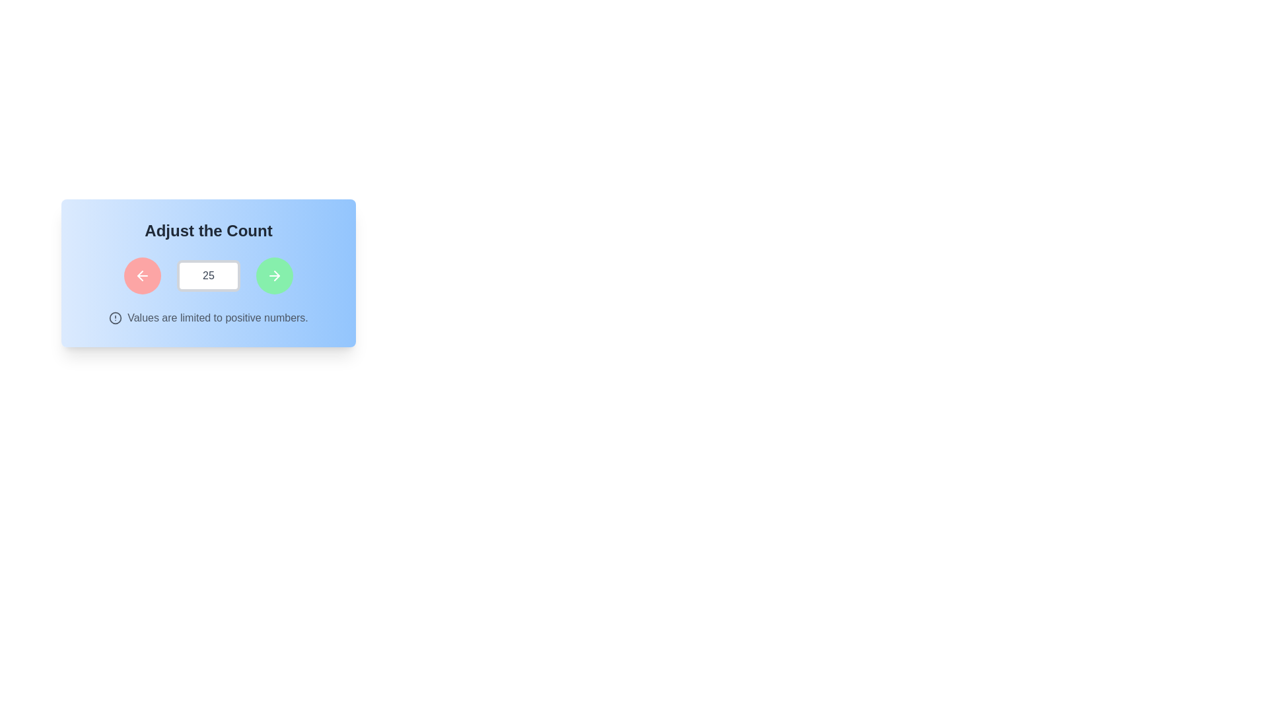 The height and width of the screenshot is (713, 1268). What do you see at coordinates (116, 318) in the screenshot?
I see `the circular component of the error icon located at the bottom left of the displayed modal` at bounding box center [116, 318].